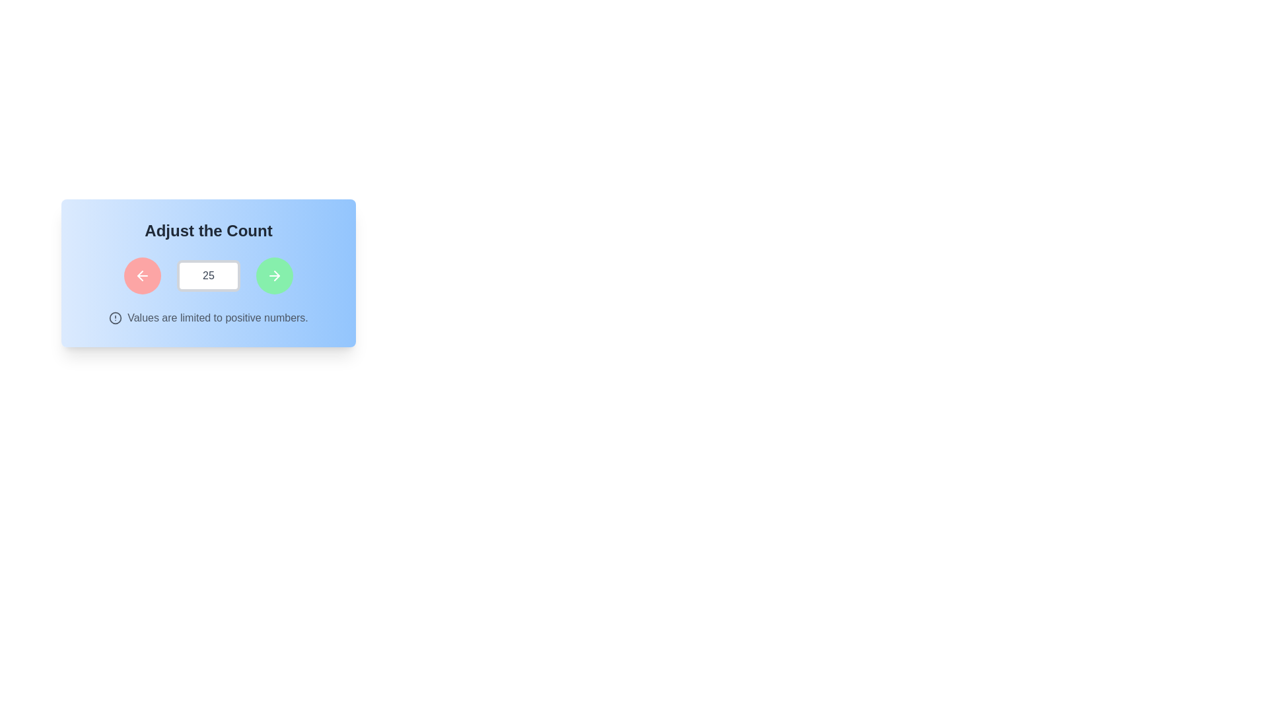 The height and width of the screenshot is (713, 1268). What do you see at coordinates (116, 318) in the screenshot?
I see `the circular component of the error icon located at the bottom left of the displayed modal` at bounding box center [116, 318].